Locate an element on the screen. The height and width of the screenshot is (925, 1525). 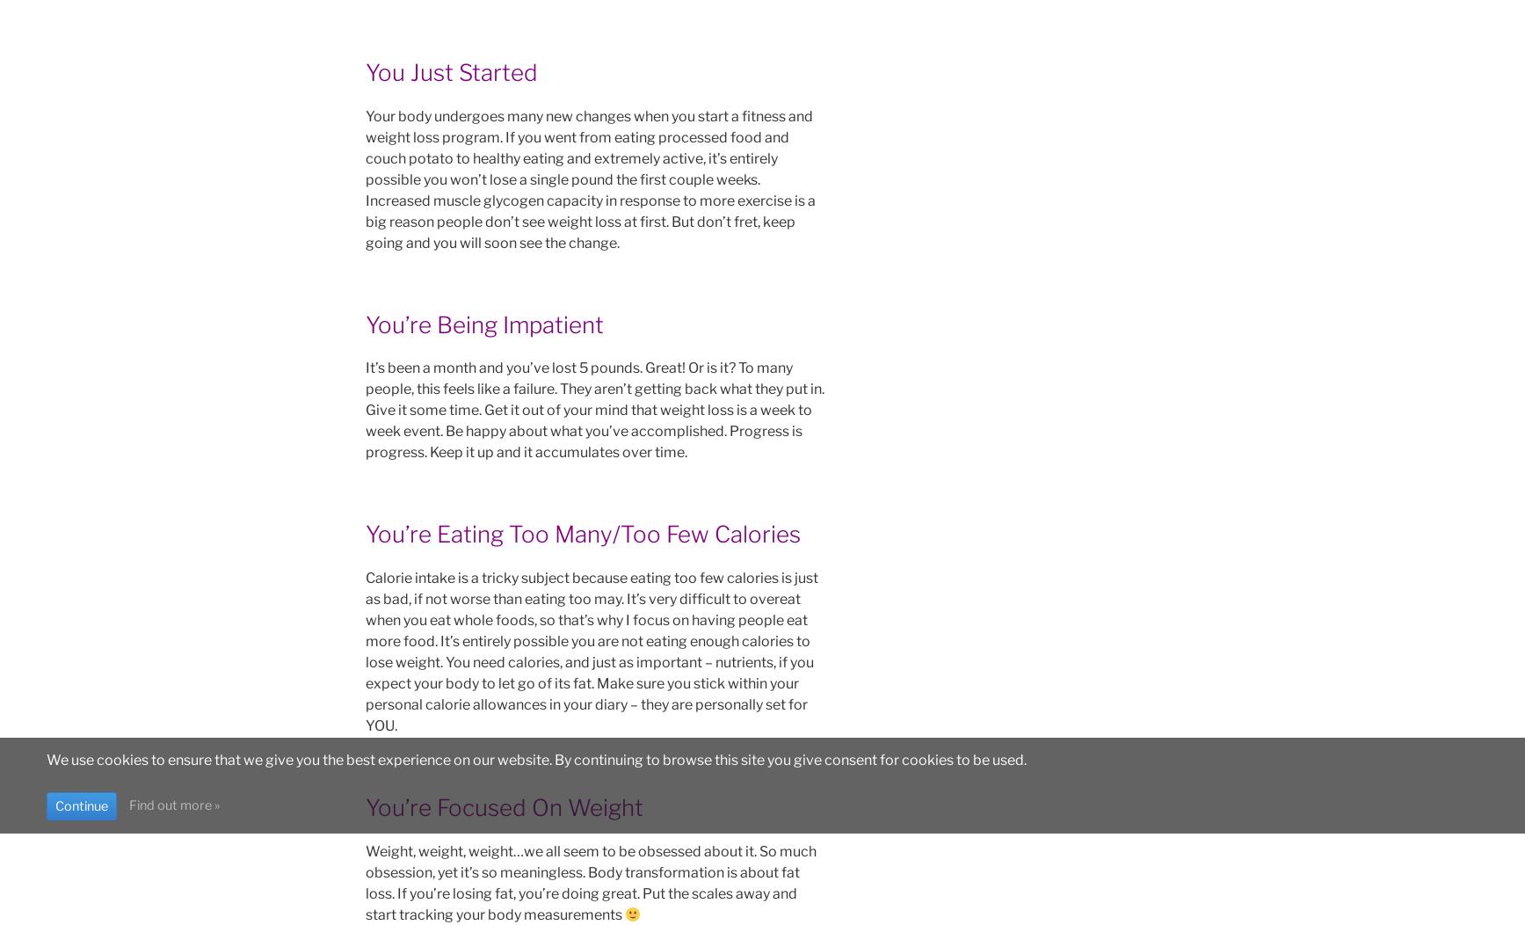
'It’s been a month and you’ve lost 5 pounds. Great! Or is it? To many people, this feels like a failure. They aren’t getting back what they put in. Give it some time. Get it out of your mind that weight loss is a week to week event. Be happy about what you’ve accomplished. Progress is progress. Keep it up and it accumulates over time.' is located at coordinates (593, 410).